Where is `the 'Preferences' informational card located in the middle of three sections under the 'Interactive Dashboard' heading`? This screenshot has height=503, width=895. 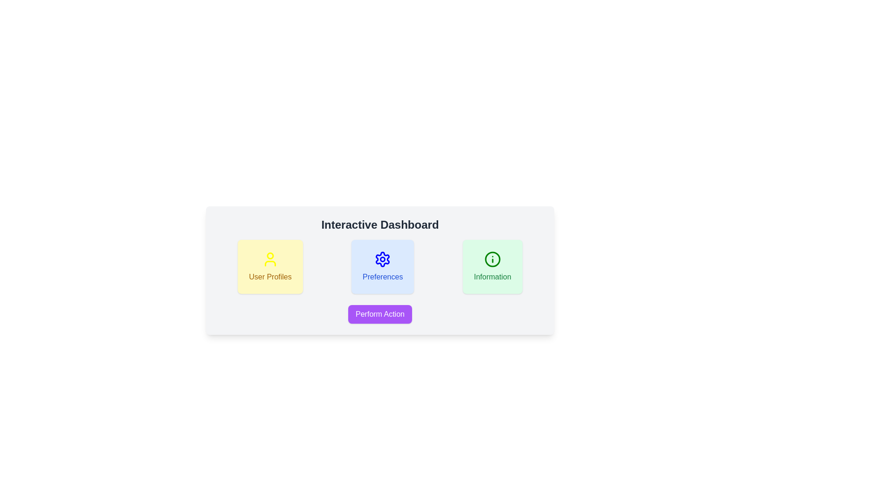 the 'Preferences' informational card located in the middle of three sections under the 'Interactive Dashboard' heading is located at coordinates (380, 267).